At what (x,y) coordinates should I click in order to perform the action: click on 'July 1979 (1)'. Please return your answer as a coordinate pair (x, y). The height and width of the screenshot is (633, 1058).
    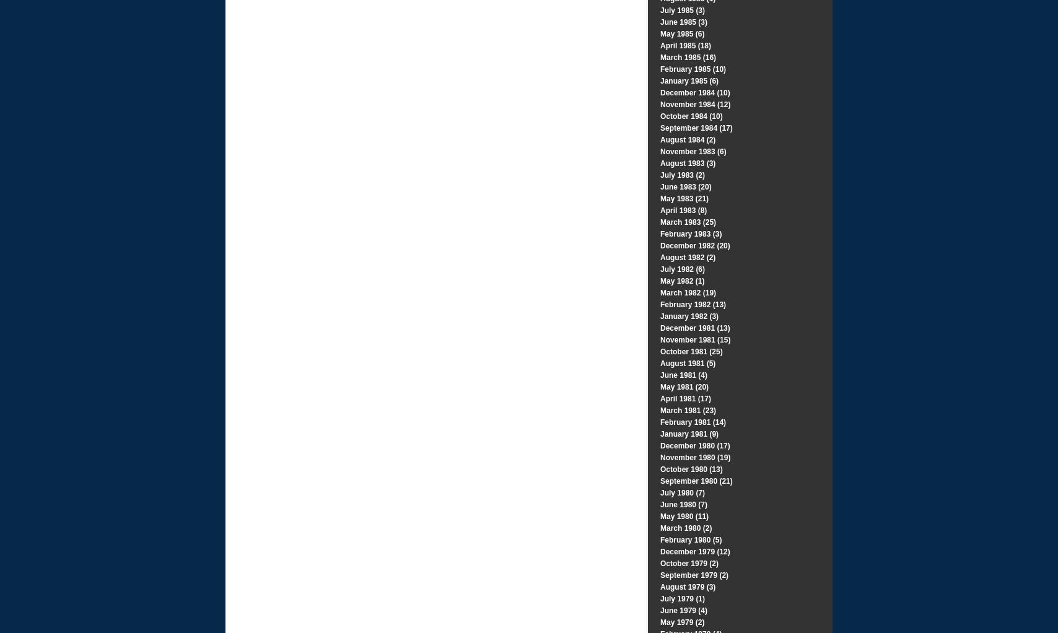
    Looking at the image, I should click on (683, 598).